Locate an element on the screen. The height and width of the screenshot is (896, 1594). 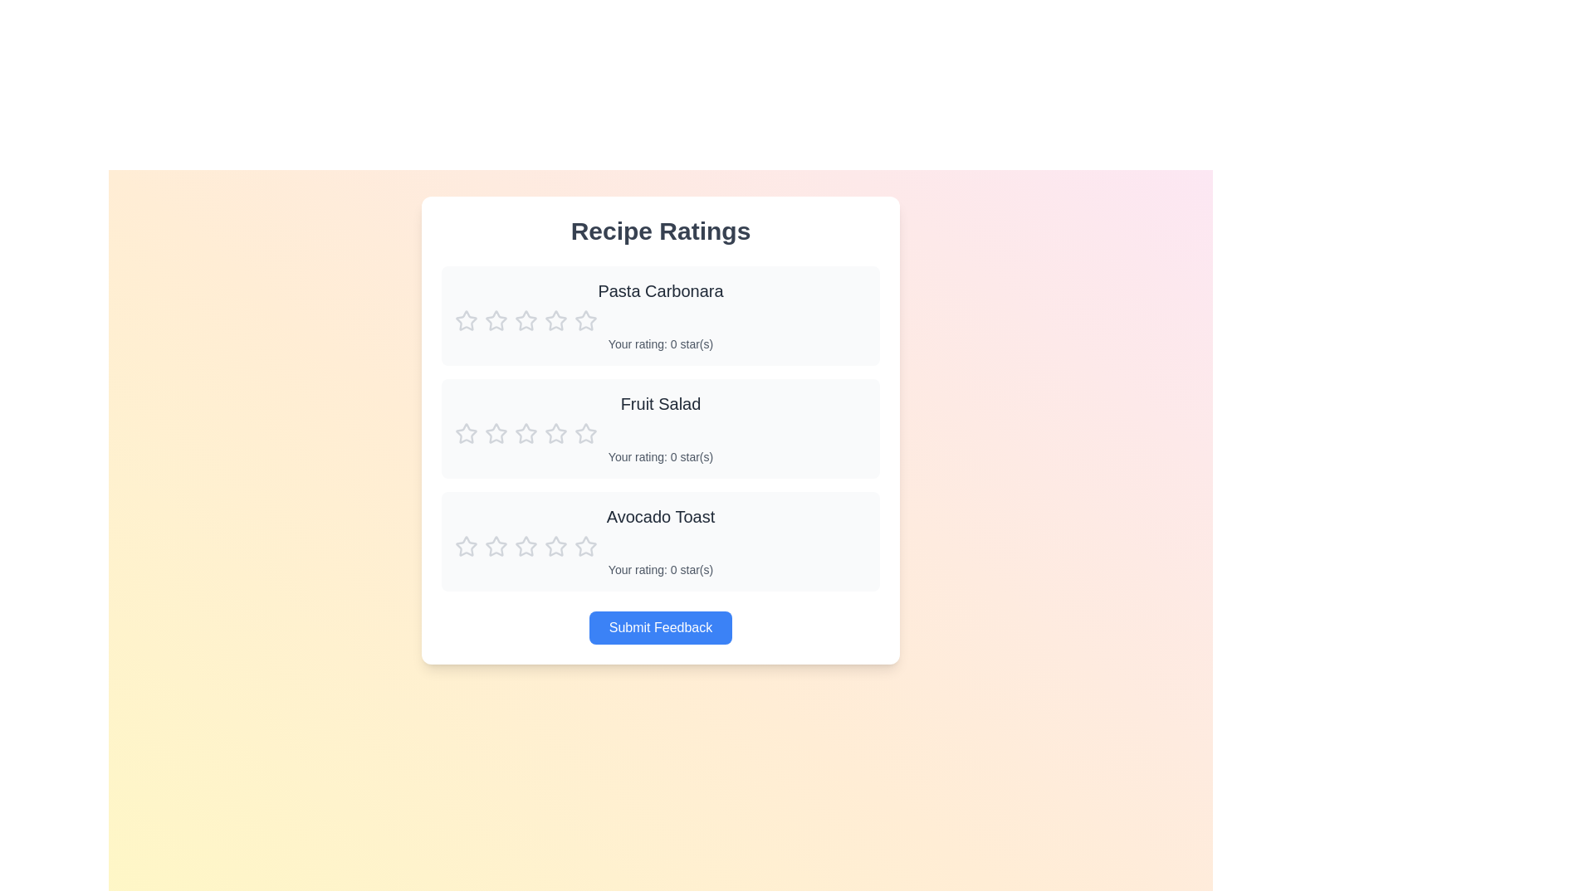
the first star icon in the rating section of 'Avocado Toast' to set a rating of 1 star is located at coordinates (465, 546).